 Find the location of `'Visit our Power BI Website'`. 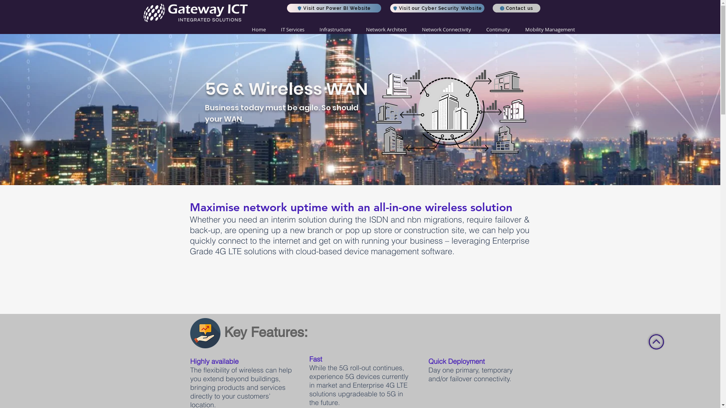

'Visit our Power BI Website' is located at coordinates (333, 8).